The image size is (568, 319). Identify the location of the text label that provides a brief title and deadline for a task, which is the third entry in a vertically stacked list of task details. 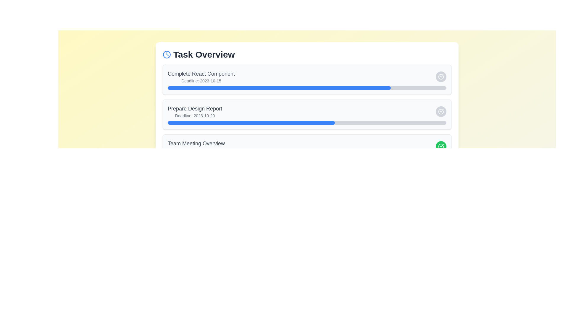
(196, 146).